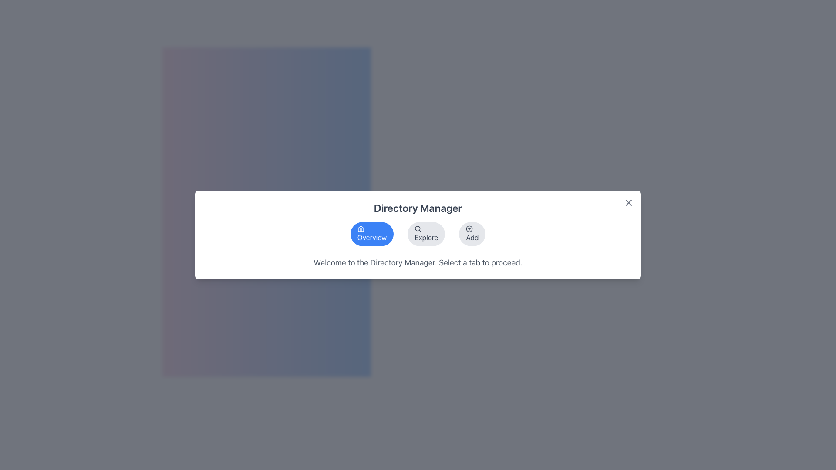 The width and height of the screenshot is (836, 470). I want to click on the 'Overview' button, which is a rounded rectangular button with a vibrant blue background and white text, located in the Directory Manager modal interface, so click(372, 233).